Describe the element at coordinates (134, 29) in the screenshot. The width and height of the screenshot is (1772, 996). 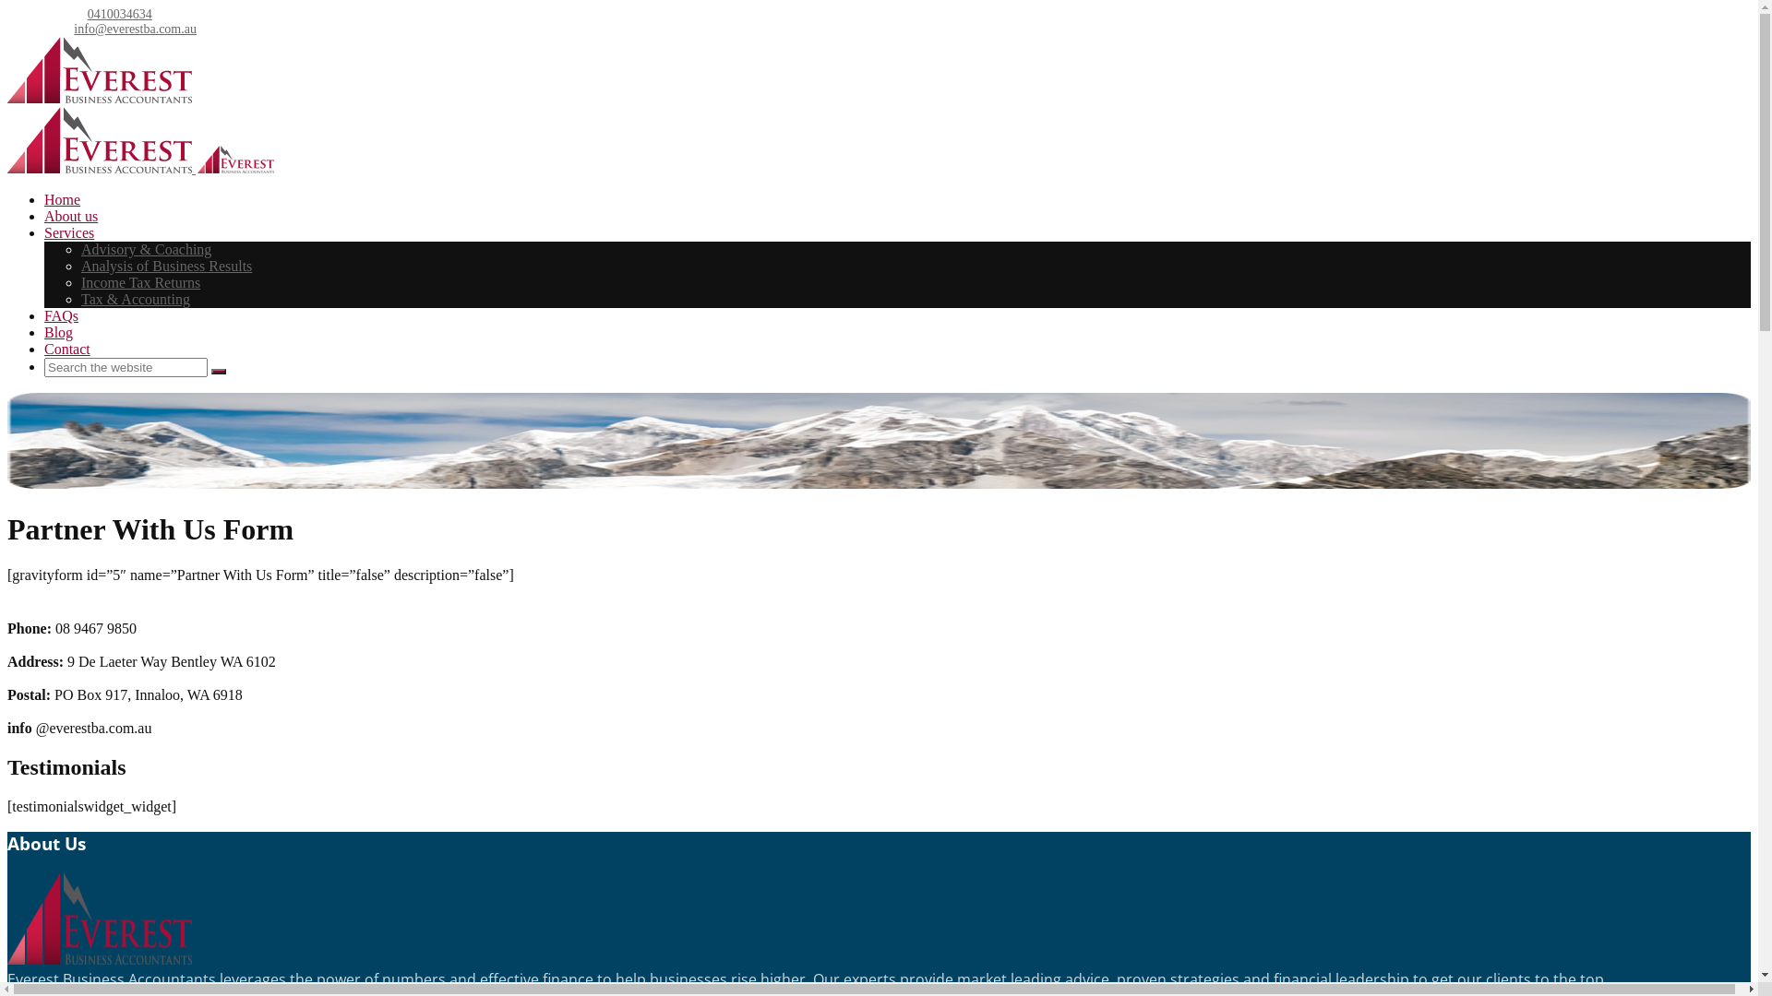
I see `'info@everestba.com.au'` at that location.